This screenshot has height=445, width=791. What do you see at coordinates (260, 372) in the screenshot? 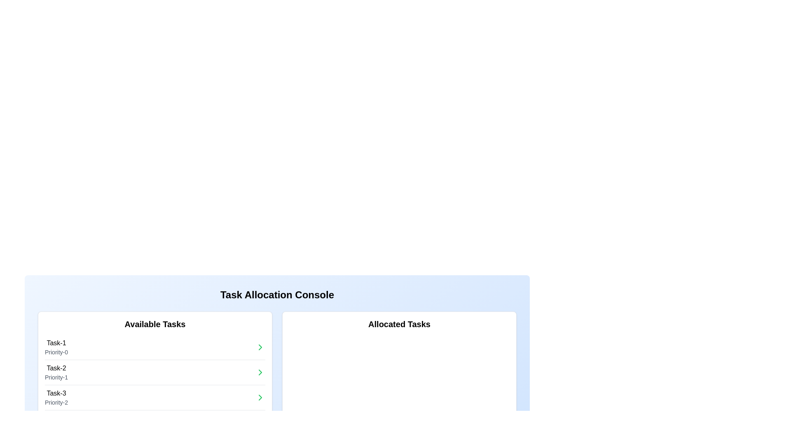
I see `the chevron icon located at the right-end of the second row in the 'Available Tasks' section` at bounding box center [260, 372].